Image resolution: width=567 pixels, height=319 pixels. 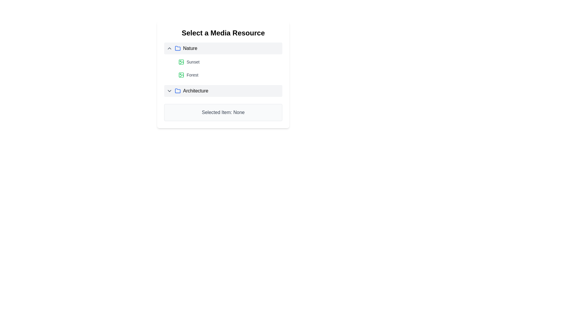 What do you see at coordinates (195, 91) in the screenshot?
I see `the 'Architecture' text label within the interactive list item under the 'Nature' category to view resources` at bounding box center [195, 91].